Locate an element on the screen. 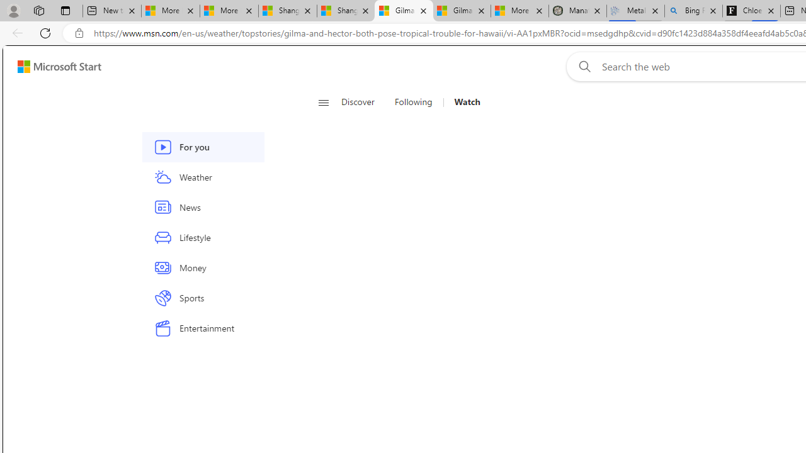 Image resolution: width=806 pixels, height=453 pixels. 'Discover' is located at coordinates (357, 102).